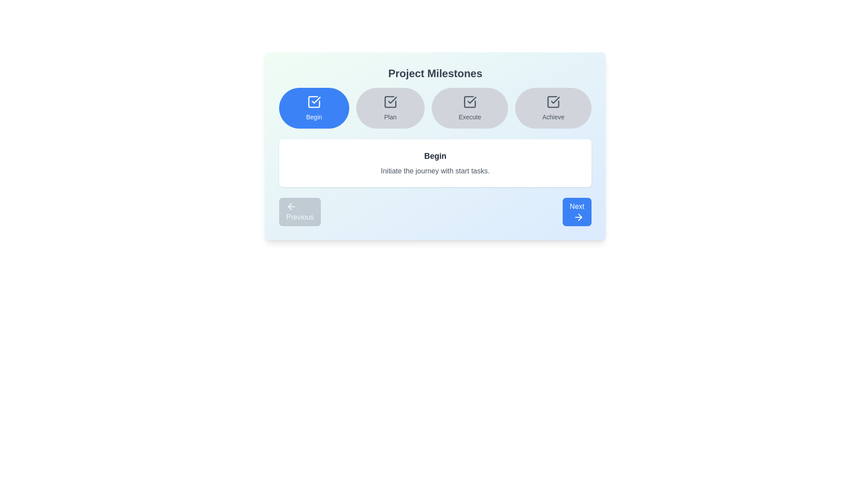  Describe the element at coordinates (469, 107) in the screenshot. I see `the 'Execute' button, which is a rectangular button with rounded corners, a light gray background, a dark gray checkmark icon, and the label 'Execute' below the icon` at that location.